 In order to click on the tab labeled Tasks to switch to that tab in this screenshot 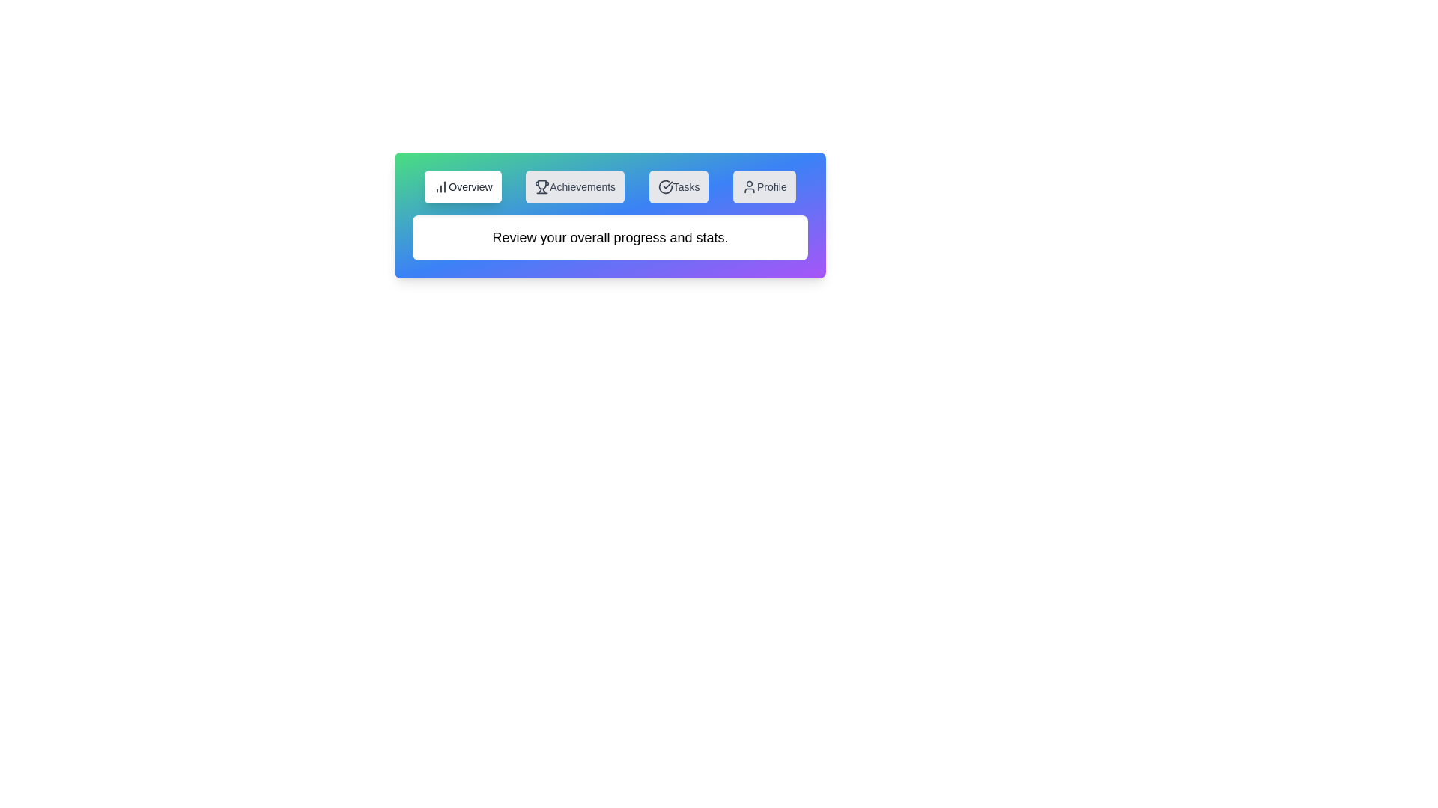, I will do `click(678, 186)`.